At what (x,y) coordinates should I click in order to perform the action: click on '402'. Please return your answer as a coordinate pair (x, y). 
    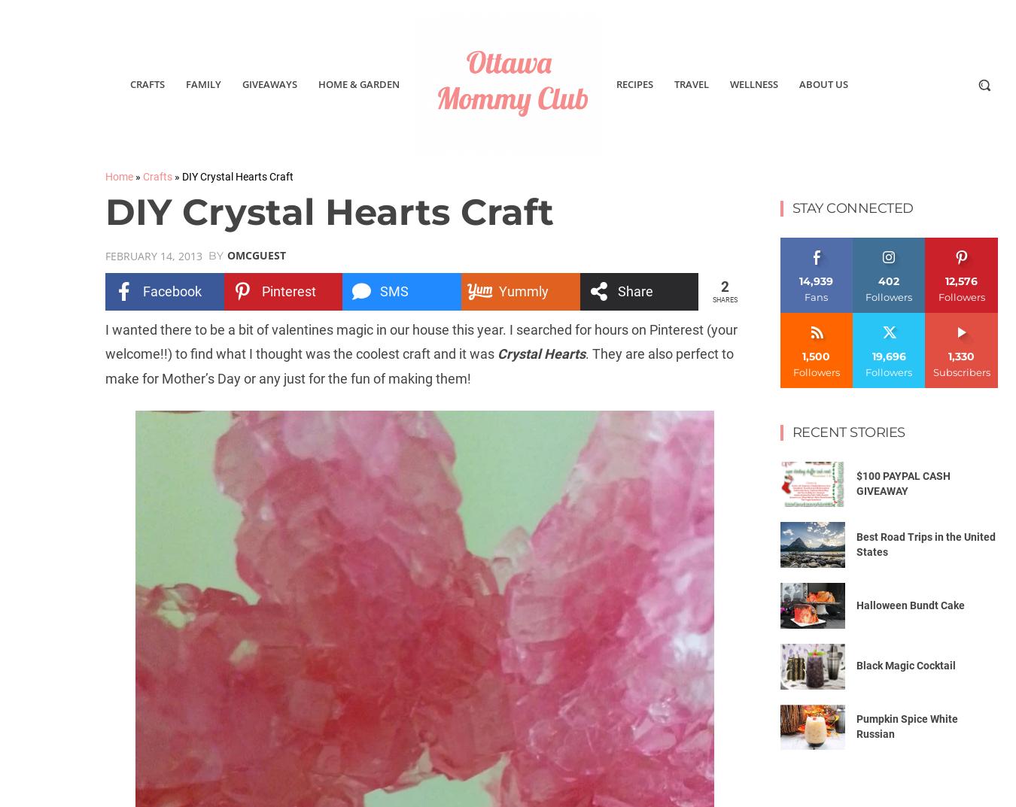
    Looking at the image, I should click on (887, 279).